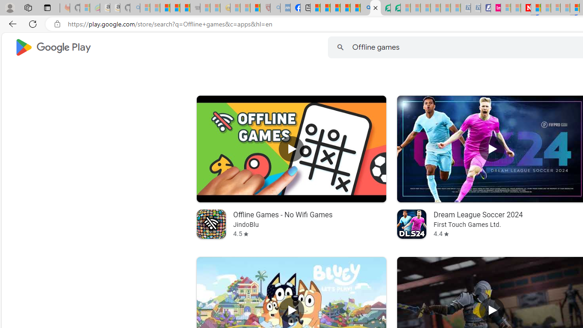  What do you see at coordinates (365, 8) in the screenshot?
I see `'google - Search'` at bounding box center [365, 8].